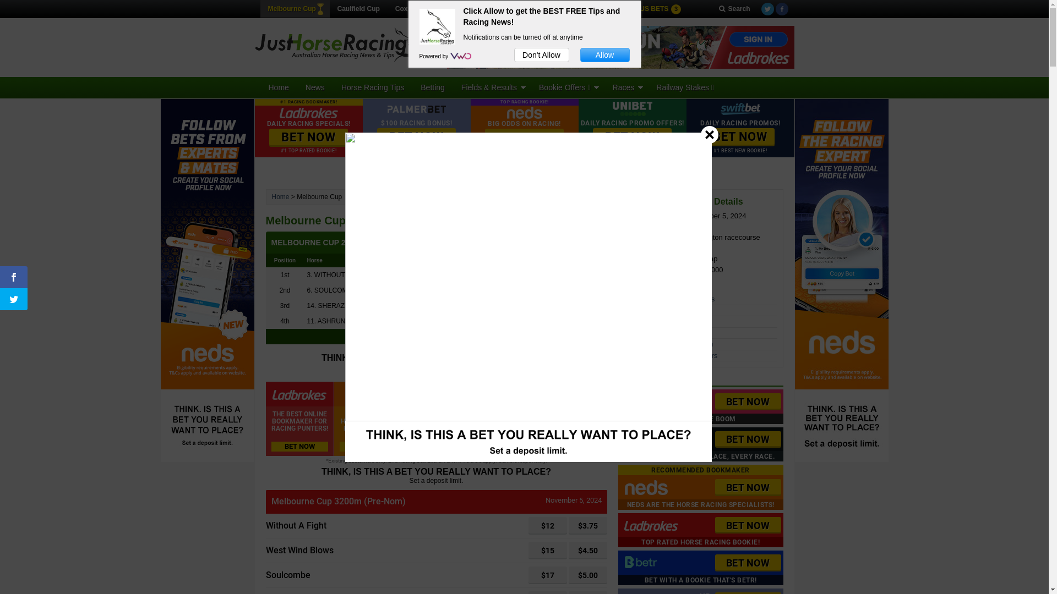 The image size is (1057, 594). Describe the element at coordinates (332, 86) in the screenshot. I see `'Horse Racing Tips'` at that location.